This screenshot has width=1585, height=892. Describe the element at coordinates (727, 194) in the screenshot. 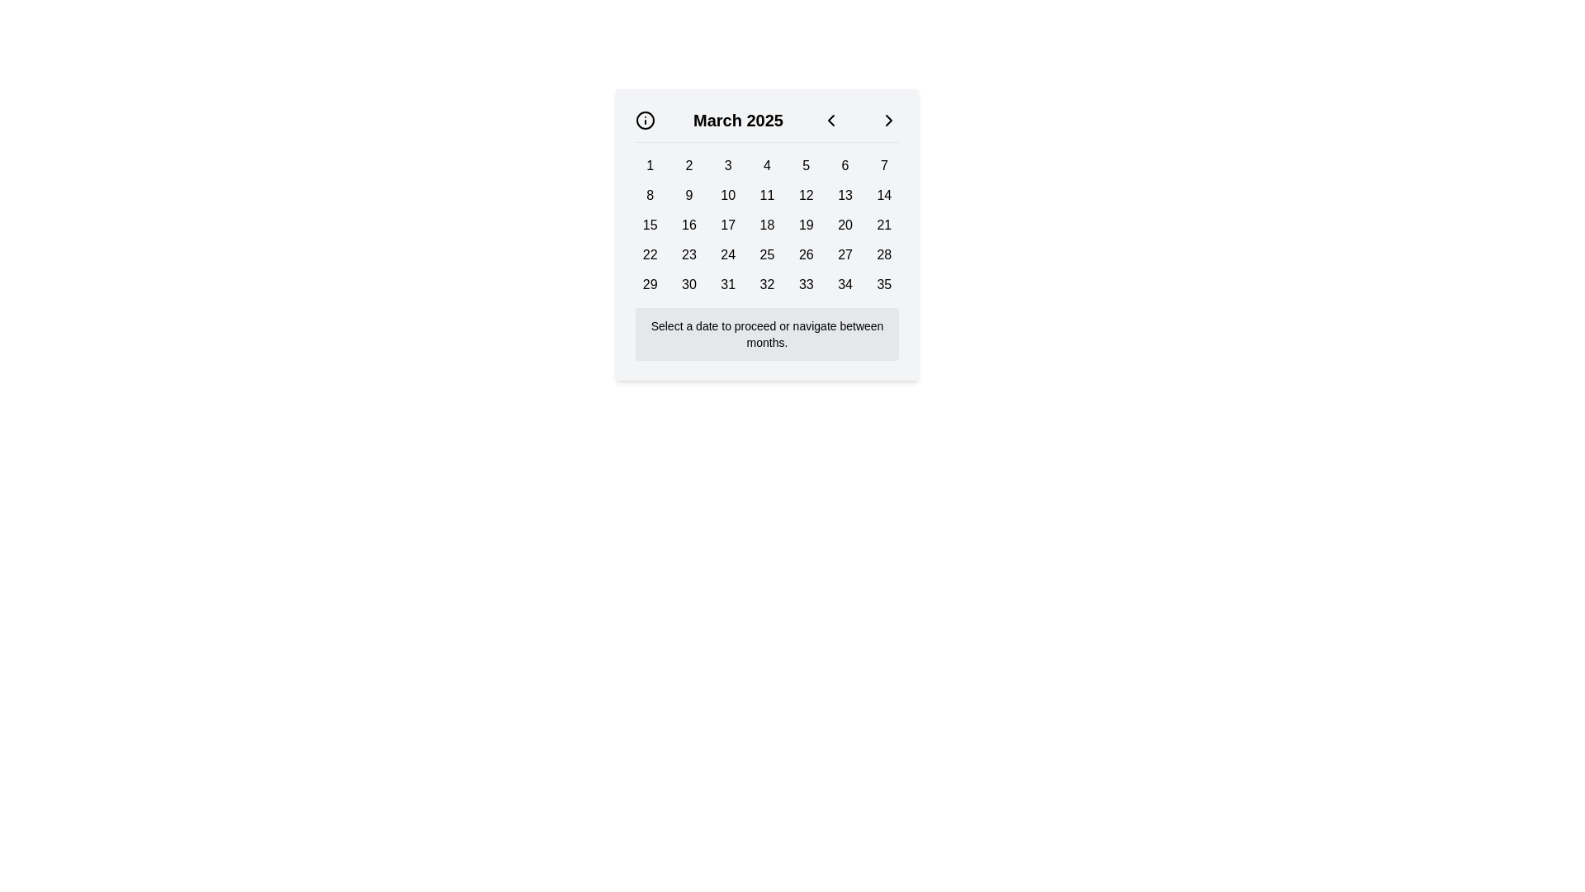

I see `the button representing a selectable day in the second row and third column of the calendar grid` at that location.